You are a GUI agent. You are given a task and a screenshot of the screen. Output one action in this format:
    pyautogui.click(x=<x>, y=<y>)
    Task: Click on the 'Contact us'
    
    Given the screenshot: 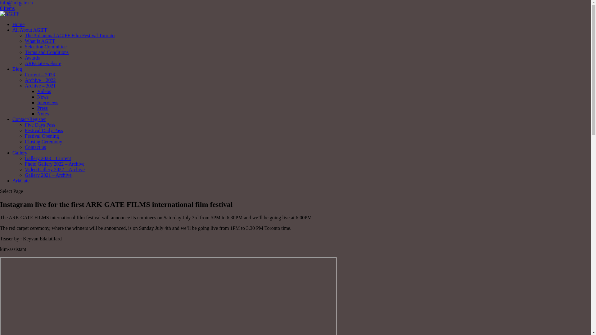 What is the action you would take?
    pyautogui.click(x=35, y=147)
    